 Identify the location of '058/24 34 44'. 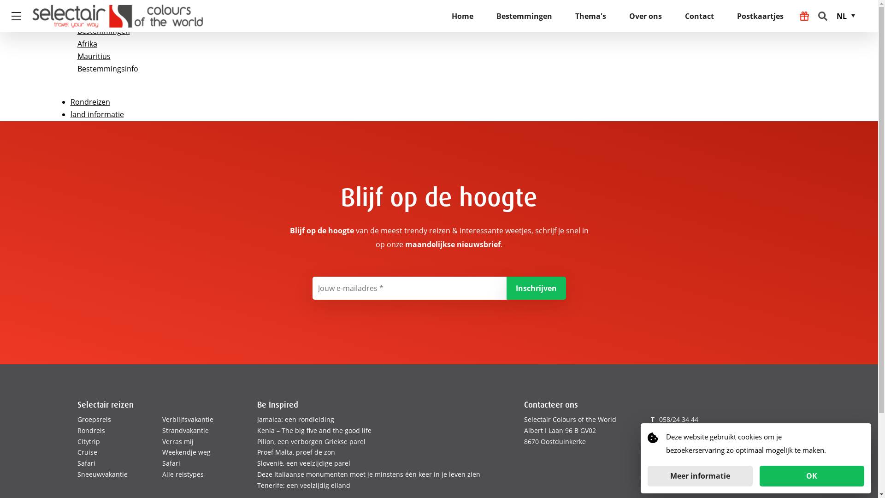
(678, 419).